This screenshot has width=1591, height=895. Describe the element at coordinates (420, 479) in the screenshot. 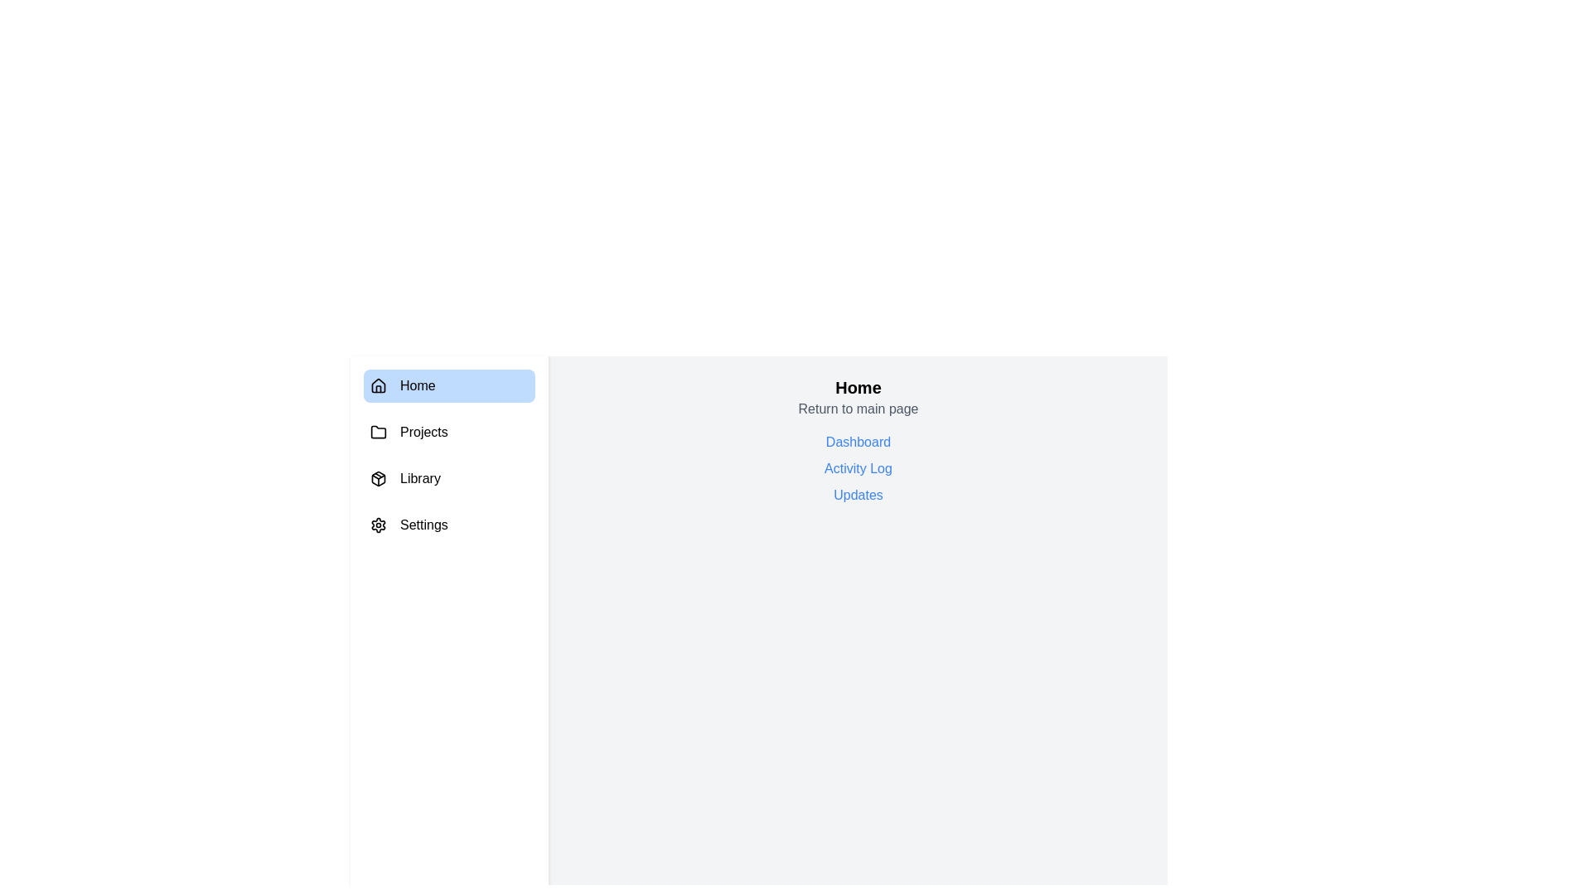

I see `the 'Library' text label in the sidebar navigation menu, located between 'Projects' and 'Settings'` at that location.